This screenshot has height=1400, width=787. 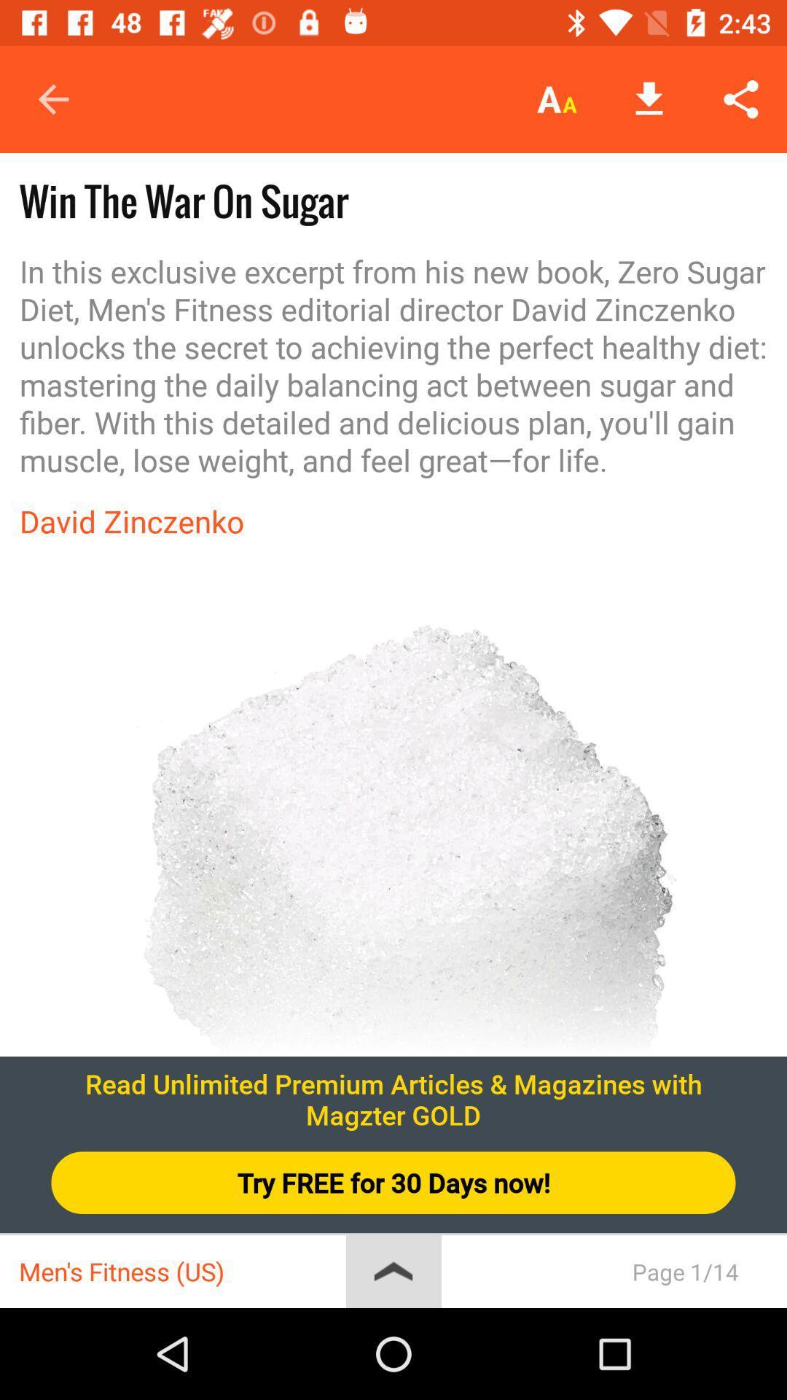 I want to click on the icon above in this exclusive item, so click(x=741, y=98).